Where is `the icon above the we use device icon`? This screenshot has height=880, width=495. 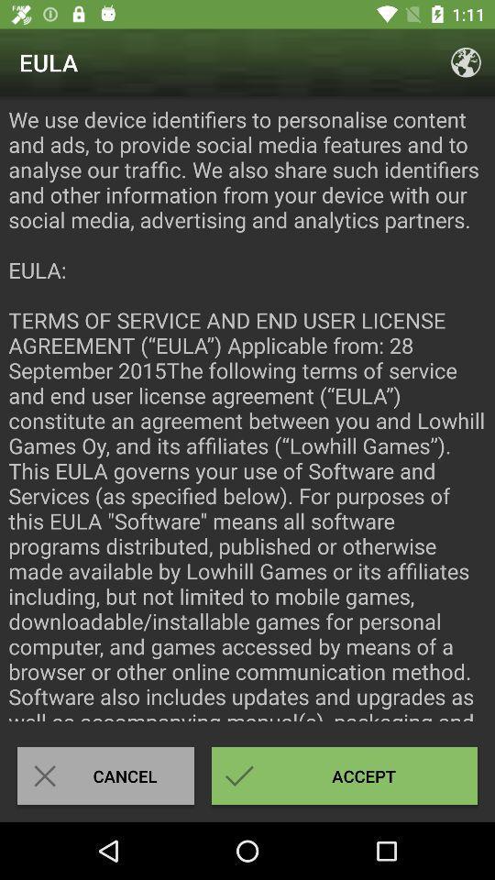
the icon above the we use device icon is located at coordinates (466, 62).